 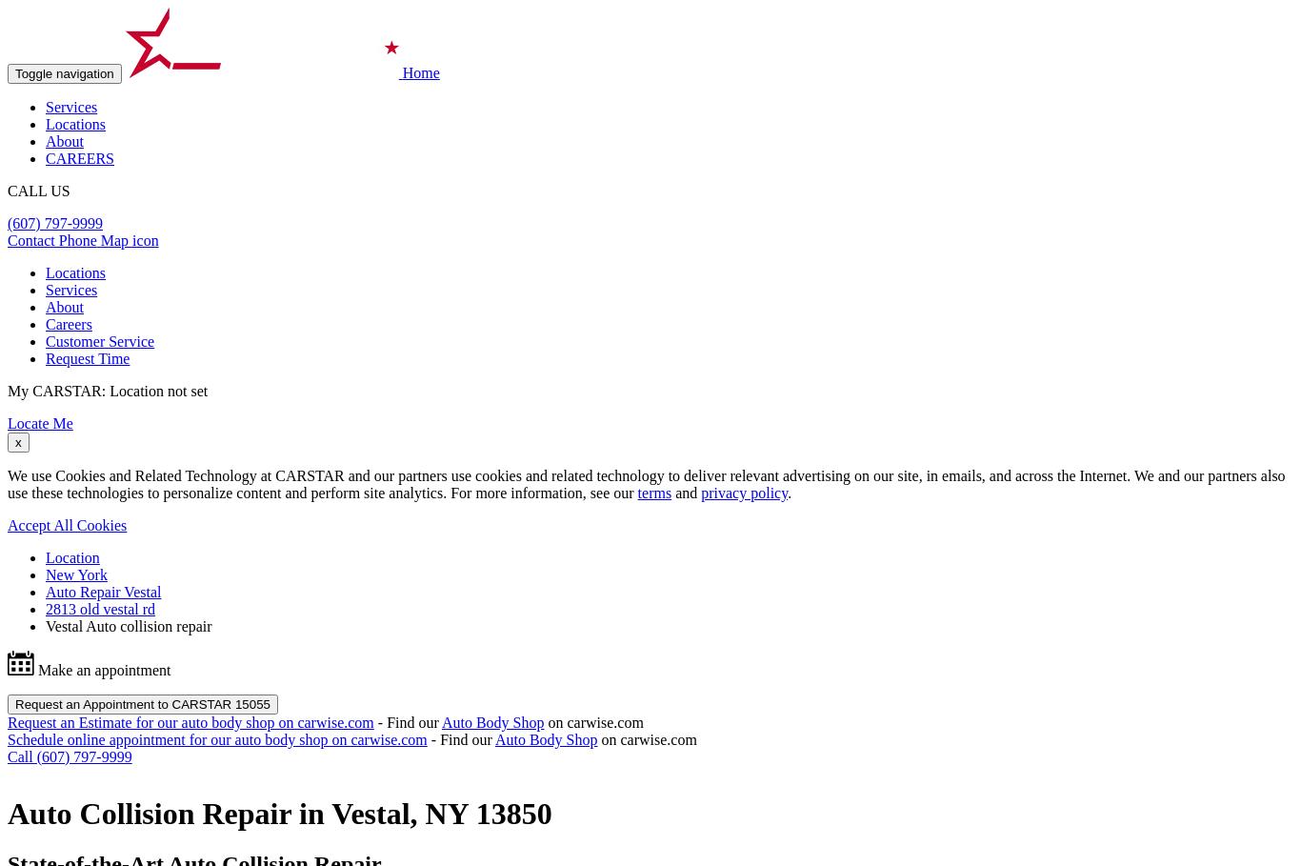 I want to click on 'We use Cookies and Related Technology at CARSTAR and our partners use cookies and related technology to deliver
            relevant advertising on our site, in emails, and across the Internet. We and our partners also use these technologies
            to personalize content and perform site analytics. For more information, see our', so click(x=645, y=483).